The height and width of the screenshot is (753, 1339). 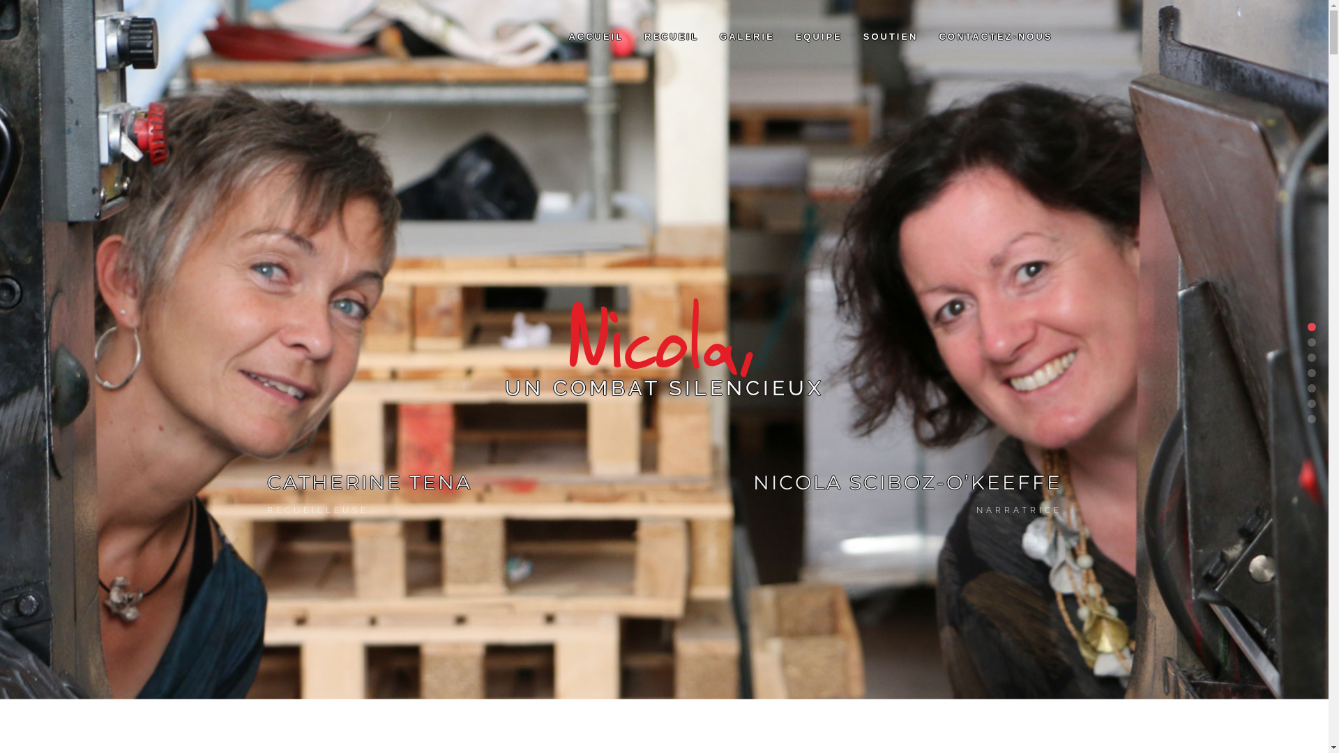 I want to click on 'EQUIPE', so click(x=819, y=36).